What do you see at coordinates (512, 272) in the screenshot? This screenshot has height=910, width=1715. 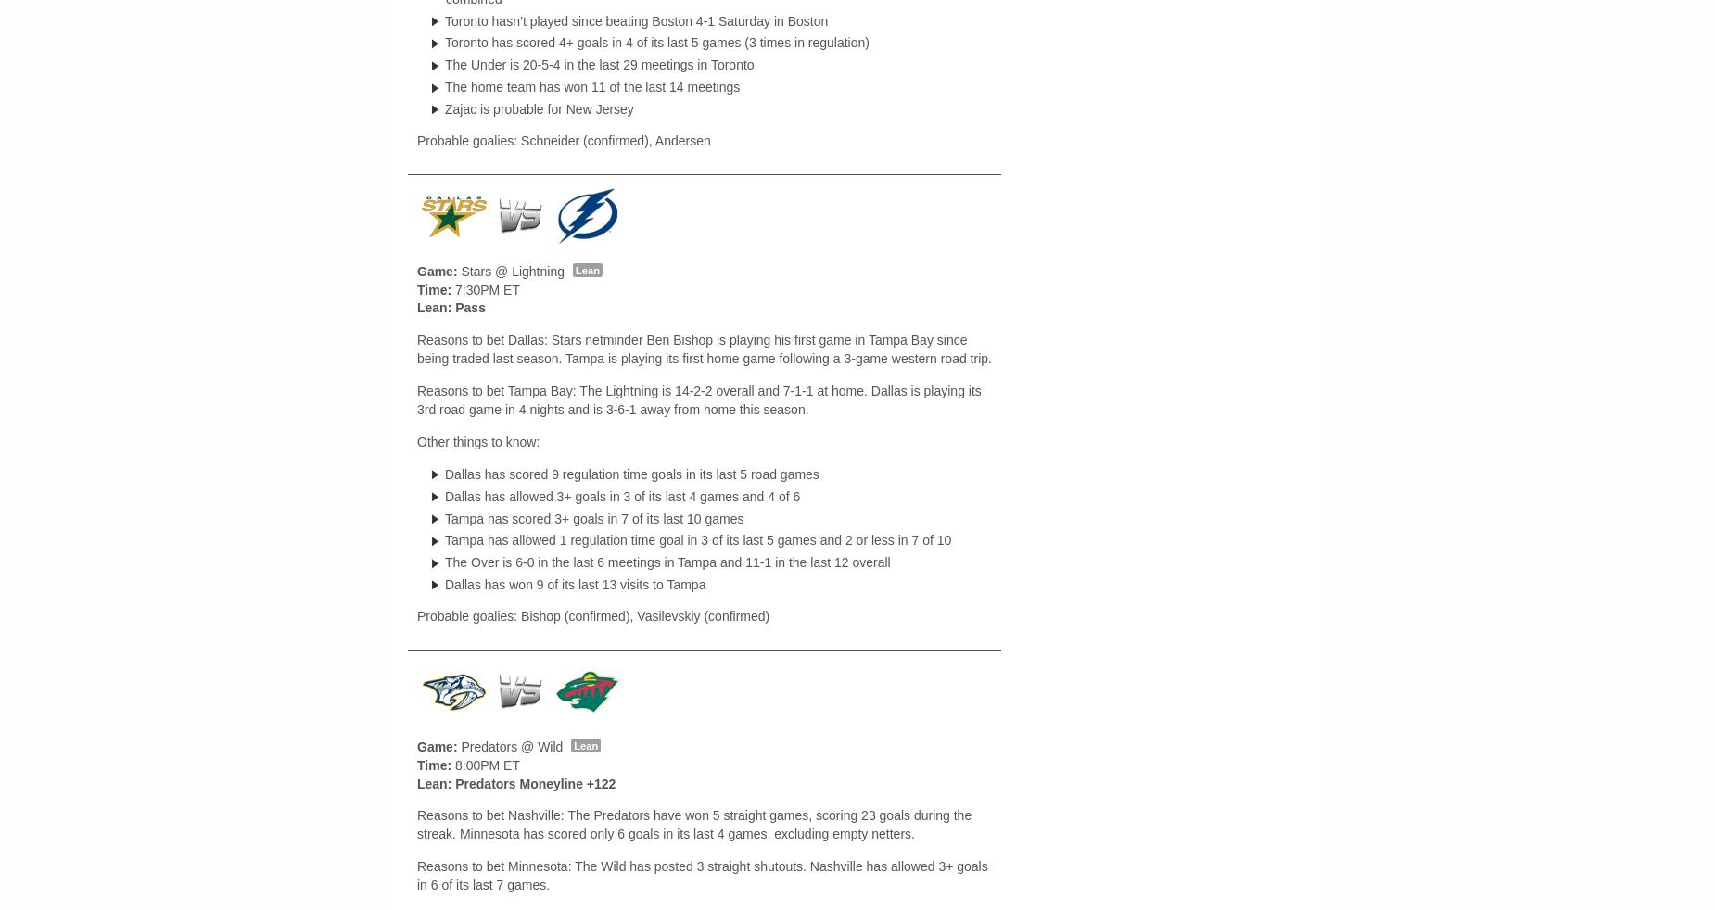 I see `'Stars @ Lightning'` at bounding box center [512, 272].